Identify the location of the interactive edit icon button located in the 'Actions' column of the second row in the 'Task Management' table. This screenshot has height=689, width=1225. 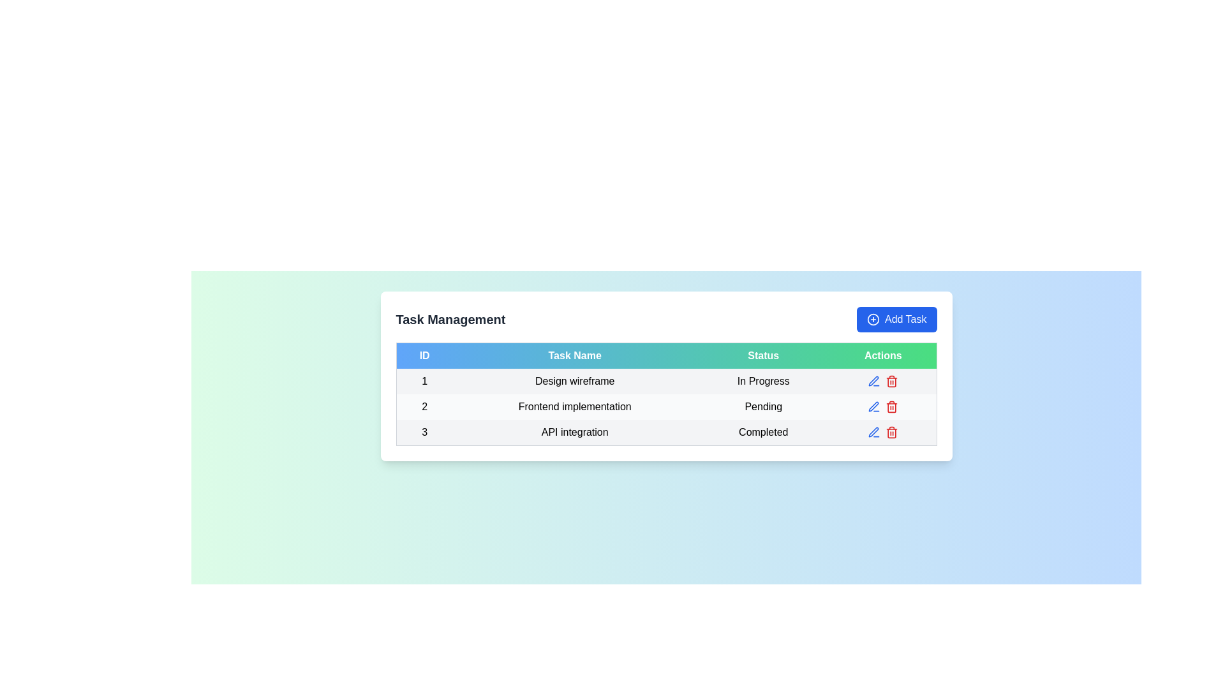
(873, 406).